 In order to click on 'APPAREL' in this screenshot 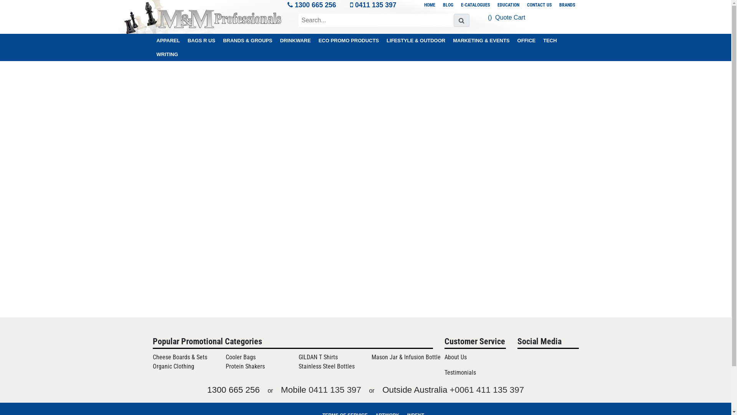, I will do `click(153, 40)`.